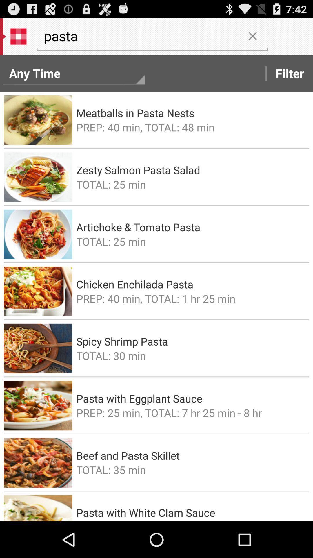 Image resolution: width=313 pixels, height=558 pixels. What do you see at coordinates (191, 455) in the screenshot?
I see `the beef and pasta icon` at bounding box center [191, 455].